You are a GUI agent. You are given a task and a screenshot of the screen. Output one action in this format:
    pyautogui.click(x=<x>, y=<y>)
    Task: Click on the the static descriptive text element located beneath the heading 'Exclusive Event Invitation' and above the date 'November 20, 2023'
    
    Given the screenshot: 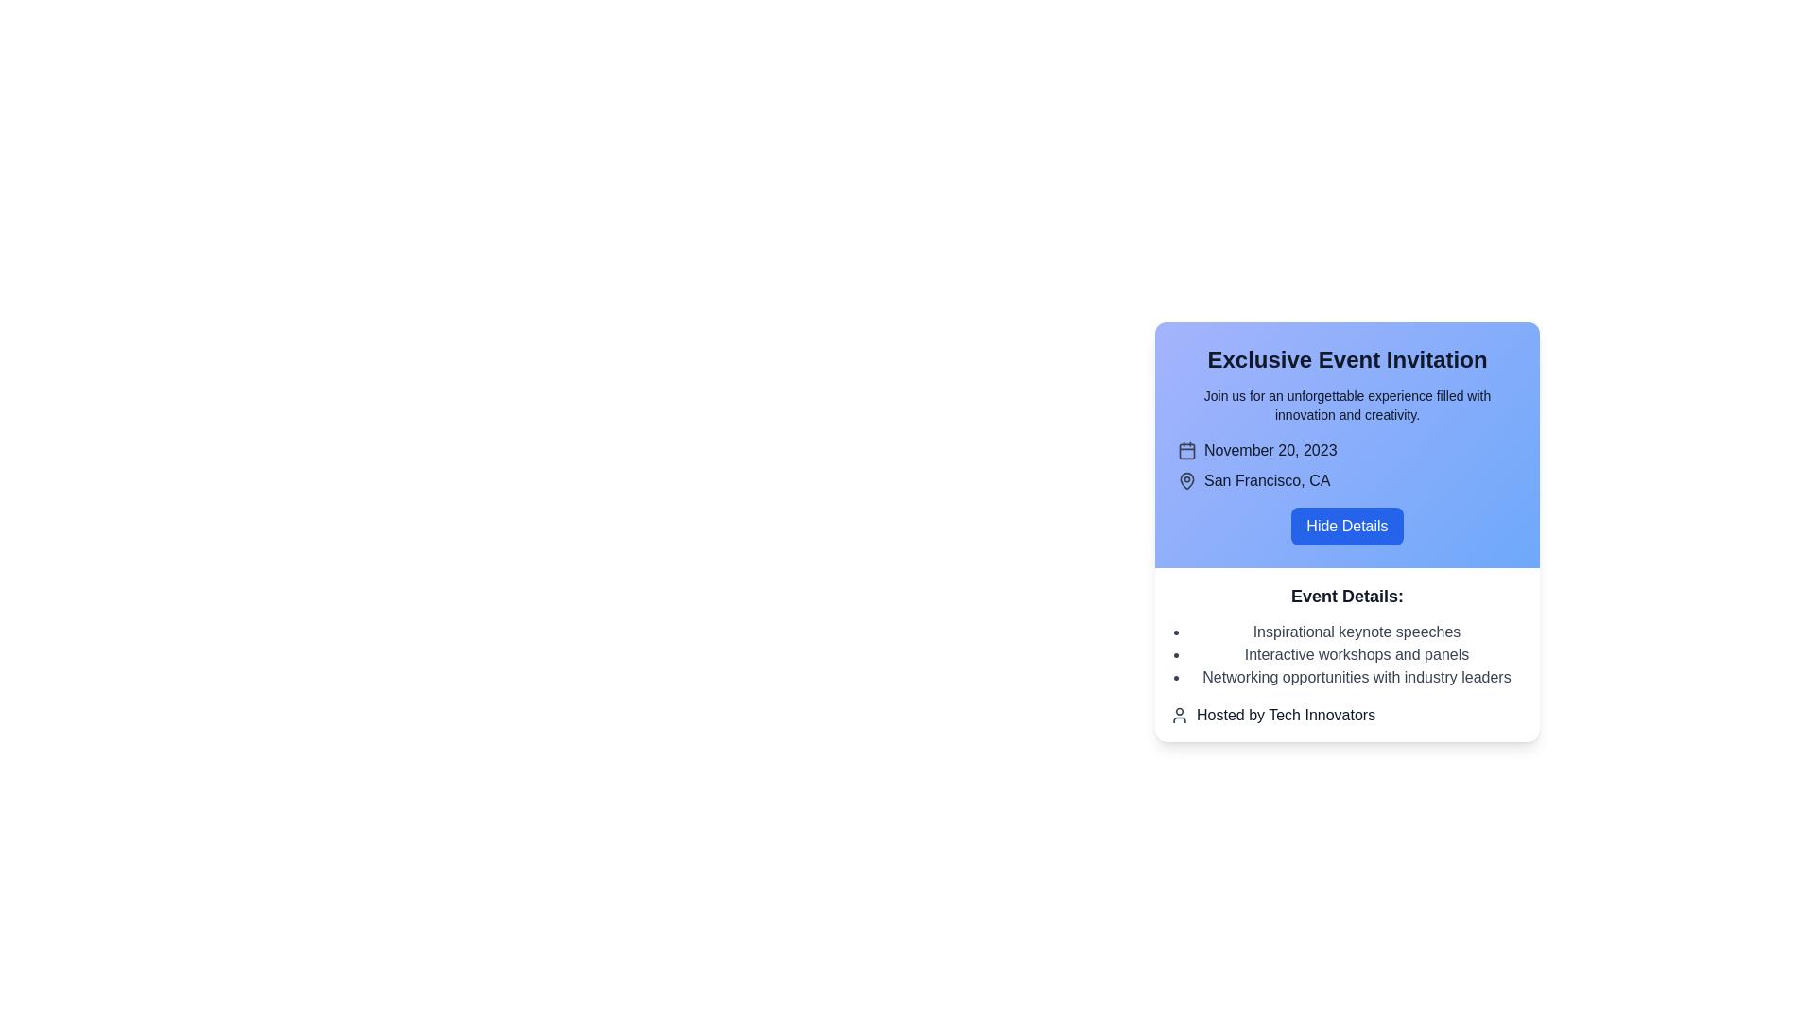 What is the action you would take?
    pyautogui.click(x=1346, y=404)
    